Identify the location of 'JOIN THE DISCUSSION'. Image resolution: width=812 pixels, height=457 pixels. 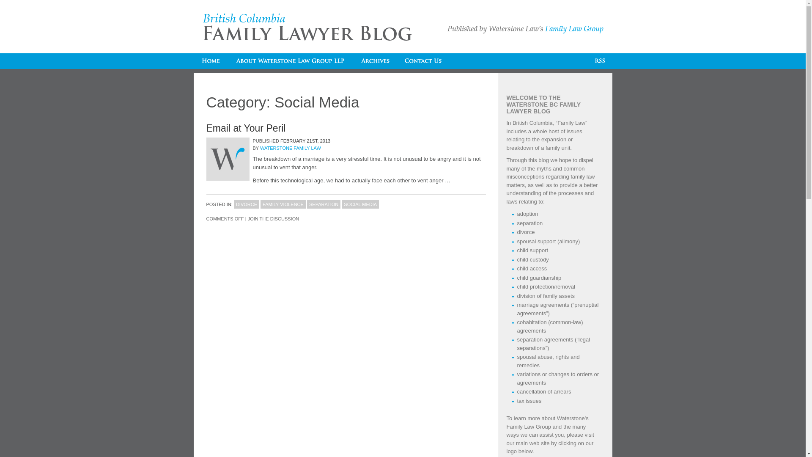
(247, 218).